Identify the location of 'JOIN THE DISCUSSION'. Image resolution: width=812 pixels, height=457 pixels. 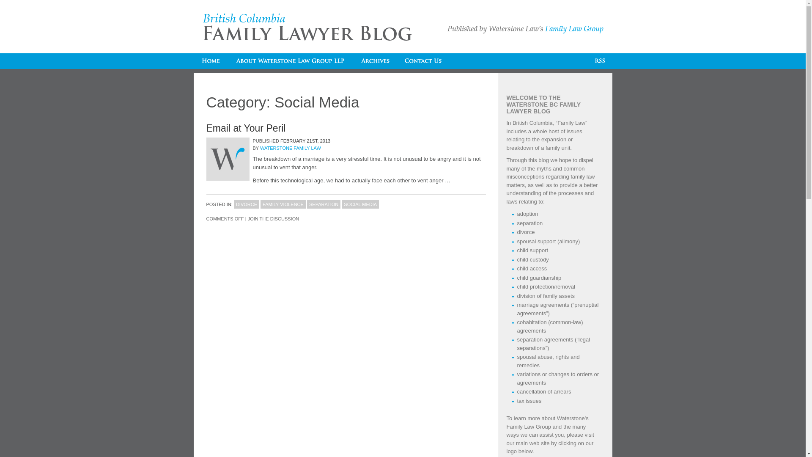
(247, 218).